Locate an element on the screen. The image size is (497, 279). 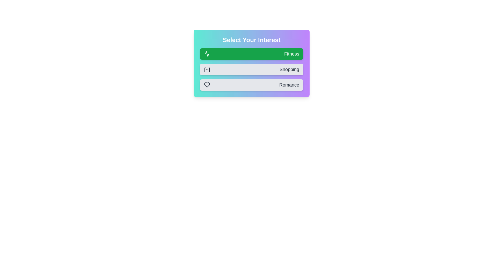
the Fitness button to observe its hover effect is located at coordinates (251, 54).